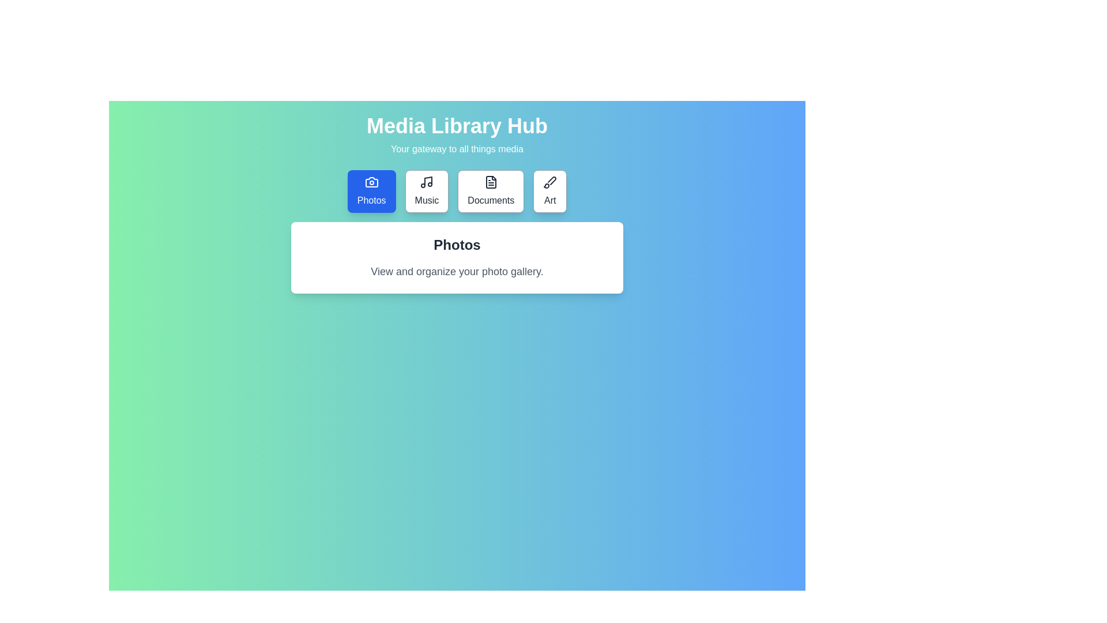 Image resolution: width=1107 pixels, height=623 pixels. I want to click on the Music tab, so click(426, 190).